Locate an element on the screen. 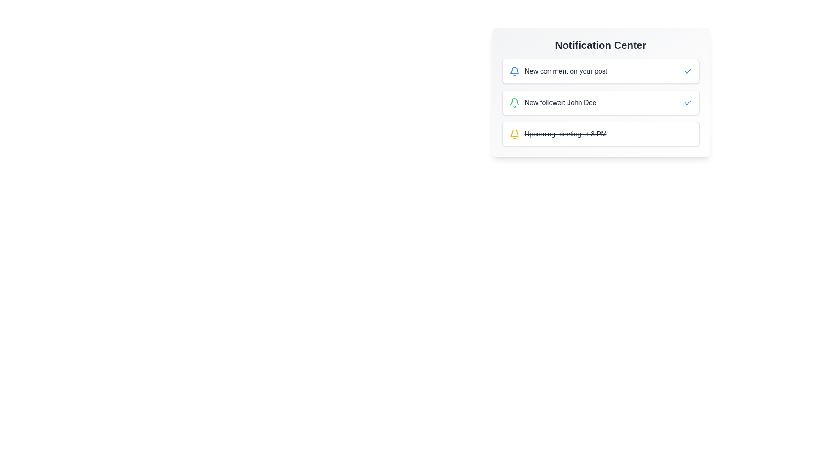  the notification entry that informs the user about a new follower named John Doe, which is the second notification in the list is located at coordinates (600, 102).